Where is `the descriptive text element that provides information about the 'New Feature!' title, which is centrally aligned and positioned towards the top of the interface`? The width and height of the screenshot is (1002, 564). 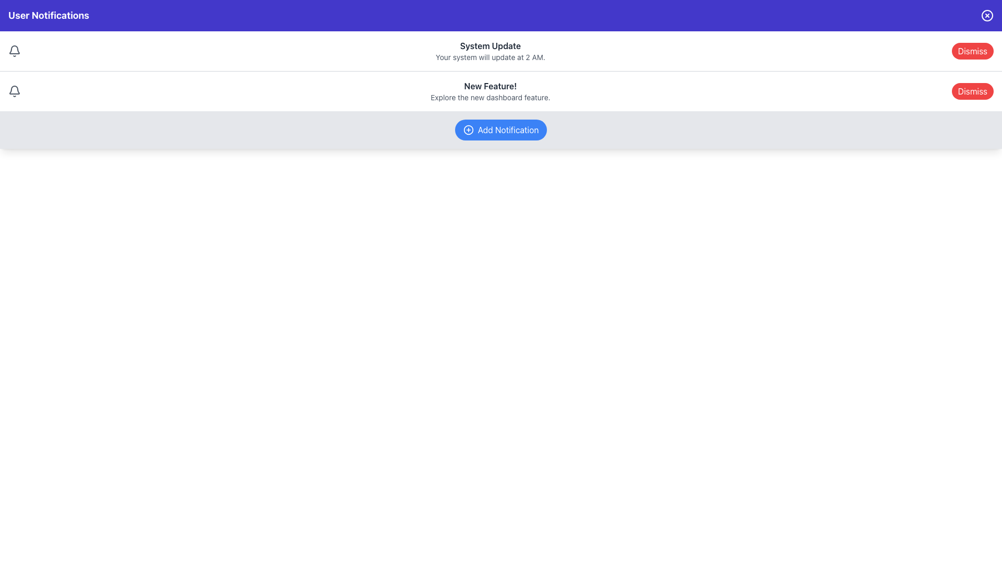 the descriptive text element that provides information about the 'New Feature!' title, which is centrally aligned and positioned towards the top of the interface is located at coordinates (490, 97).